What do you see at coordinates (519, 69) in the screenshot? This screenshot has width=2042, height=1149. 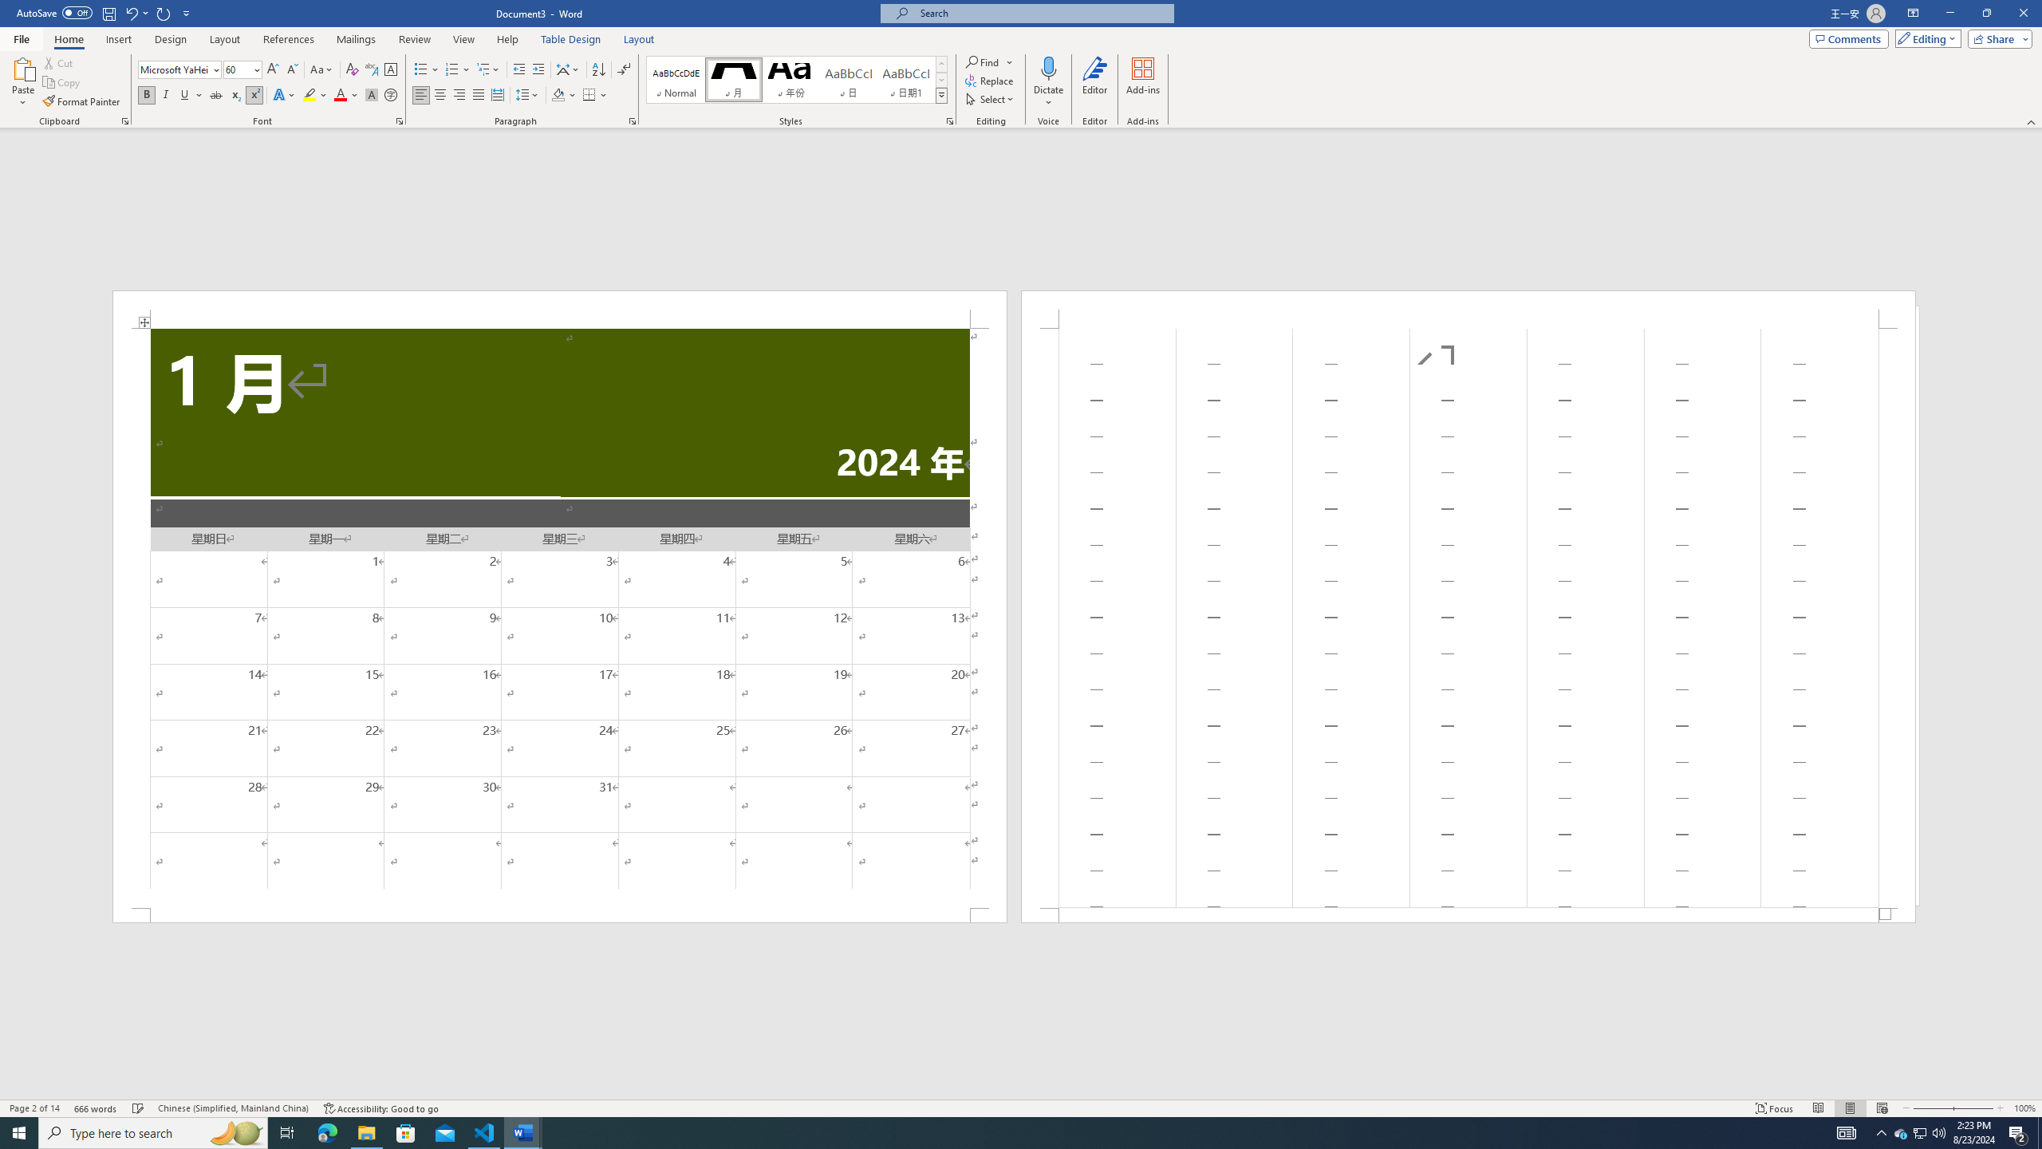 I see `'Decrease Indent'` at bounding box center [519, 69].